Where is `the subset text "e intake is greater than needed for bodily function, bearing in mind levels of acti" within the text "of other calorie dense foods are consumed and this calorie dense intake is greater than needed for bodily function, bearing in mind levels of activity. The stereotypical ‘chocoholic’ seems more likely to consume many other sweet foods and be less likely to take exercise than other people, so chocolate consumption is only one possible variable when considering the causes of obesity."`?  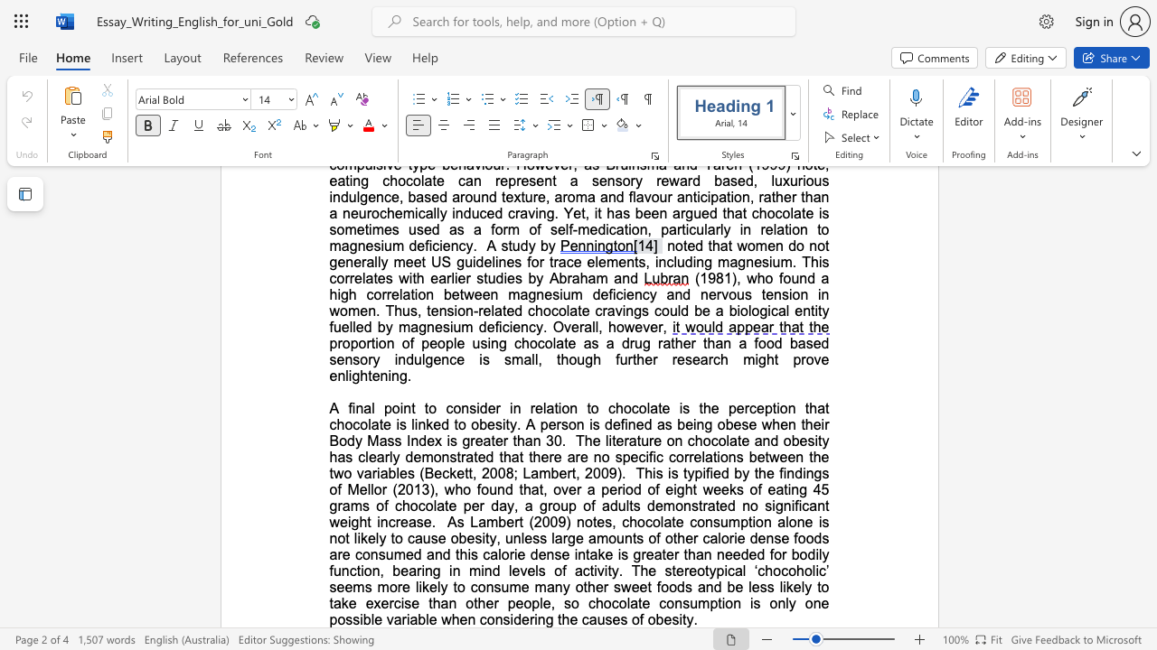 the subset text "e intake is greater than needed for bodily function, bearing in mind levels of acti" within the text "of other calorie dense foods are consumed and this calorie dense intake is greater than needed for bodily function, bearing in mind levels of activity. The stereotypical ‘chocoholic’ seems more likely to consume many other sweet foods and be less likely to take exercise than other people, so chocolate consumption is only one possible variable when considering the causes of obesity." is located at coordinates (560, 553).